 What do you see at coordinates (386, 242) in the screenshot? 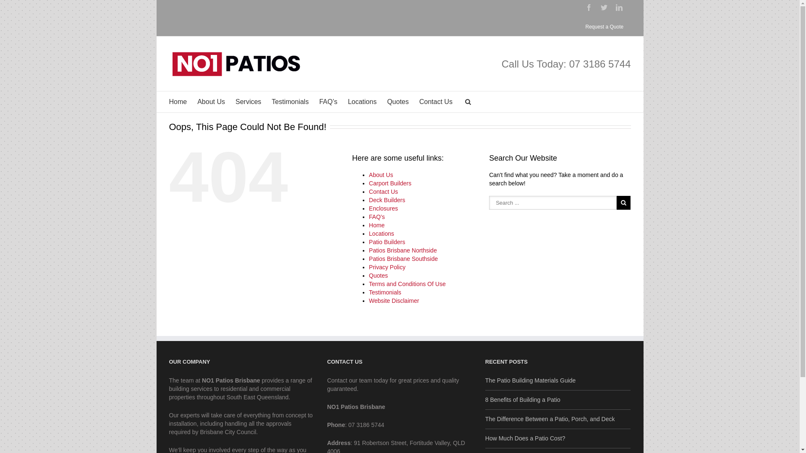
I see `'Patio Builders'` at bounding box center [386, 242].